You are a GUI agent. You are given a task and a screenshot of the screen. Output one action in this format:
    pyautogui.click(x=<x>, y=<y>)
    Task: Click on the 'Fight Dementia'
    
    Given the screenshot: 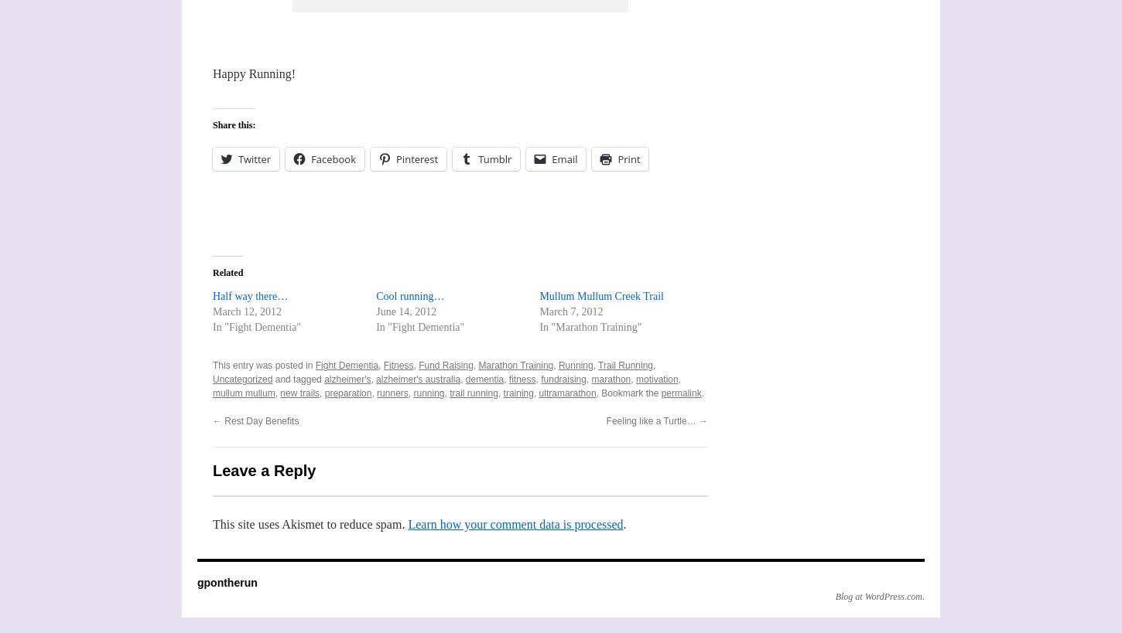 What is the action you would take?
    pyautogui.click(x=346, y=364)
    